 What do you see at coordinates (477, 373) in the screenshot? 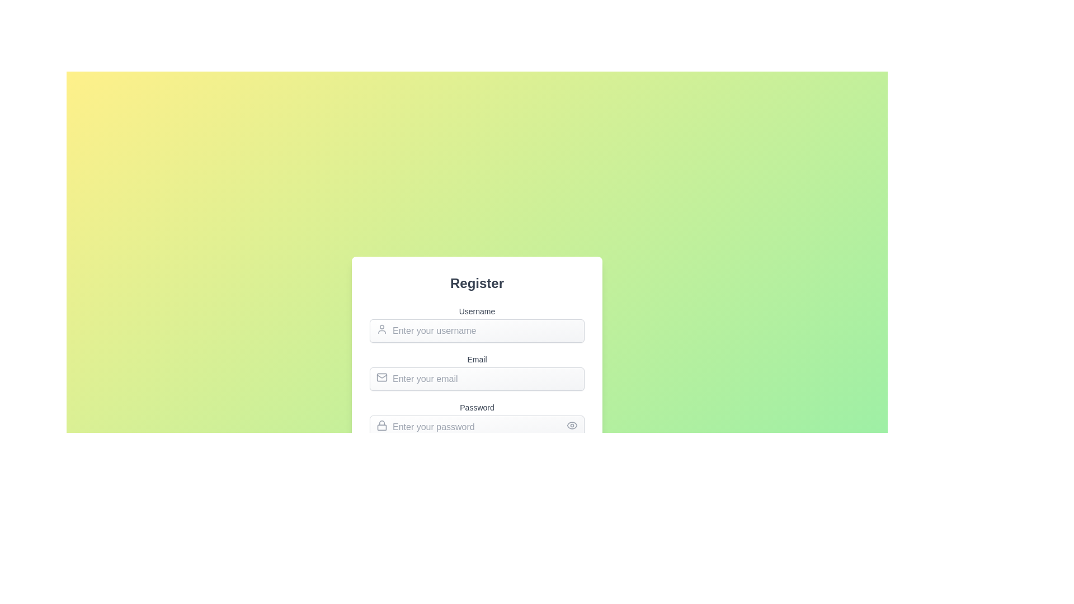
I see `the email input field, which is the second input field in the vertically aligned form layout, to focus on it` at bounding box center [477, 373].